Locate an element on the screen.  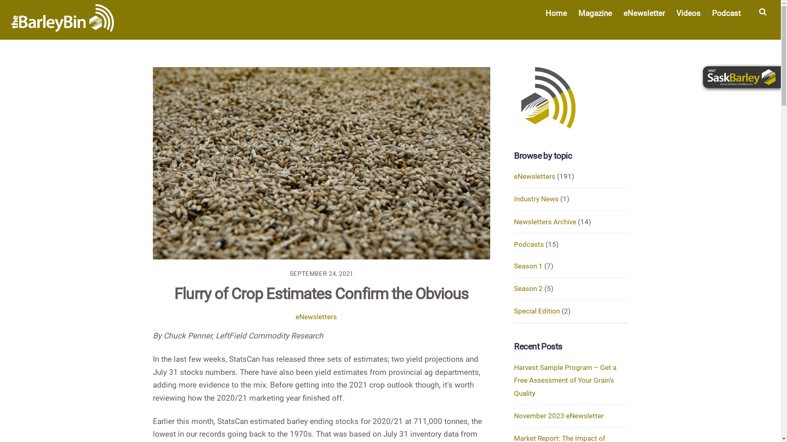
'Podcast' is located at coordinates (726, 13).